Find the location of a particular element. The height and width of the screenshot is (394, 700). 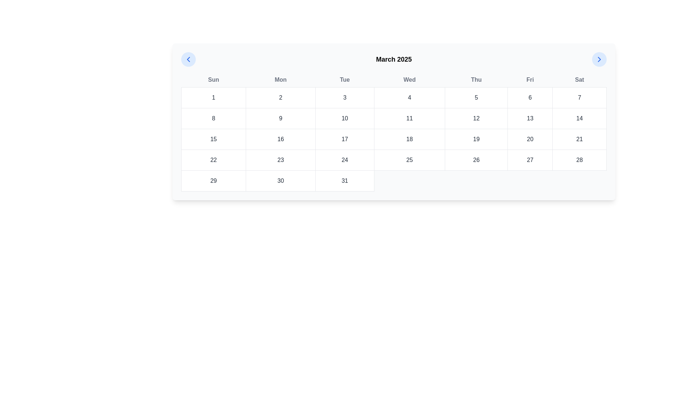

the selectable calendar cell containing the text '8' in dark gray, located under the 'Sun' header in the first column is located at coordinates (213, 118).